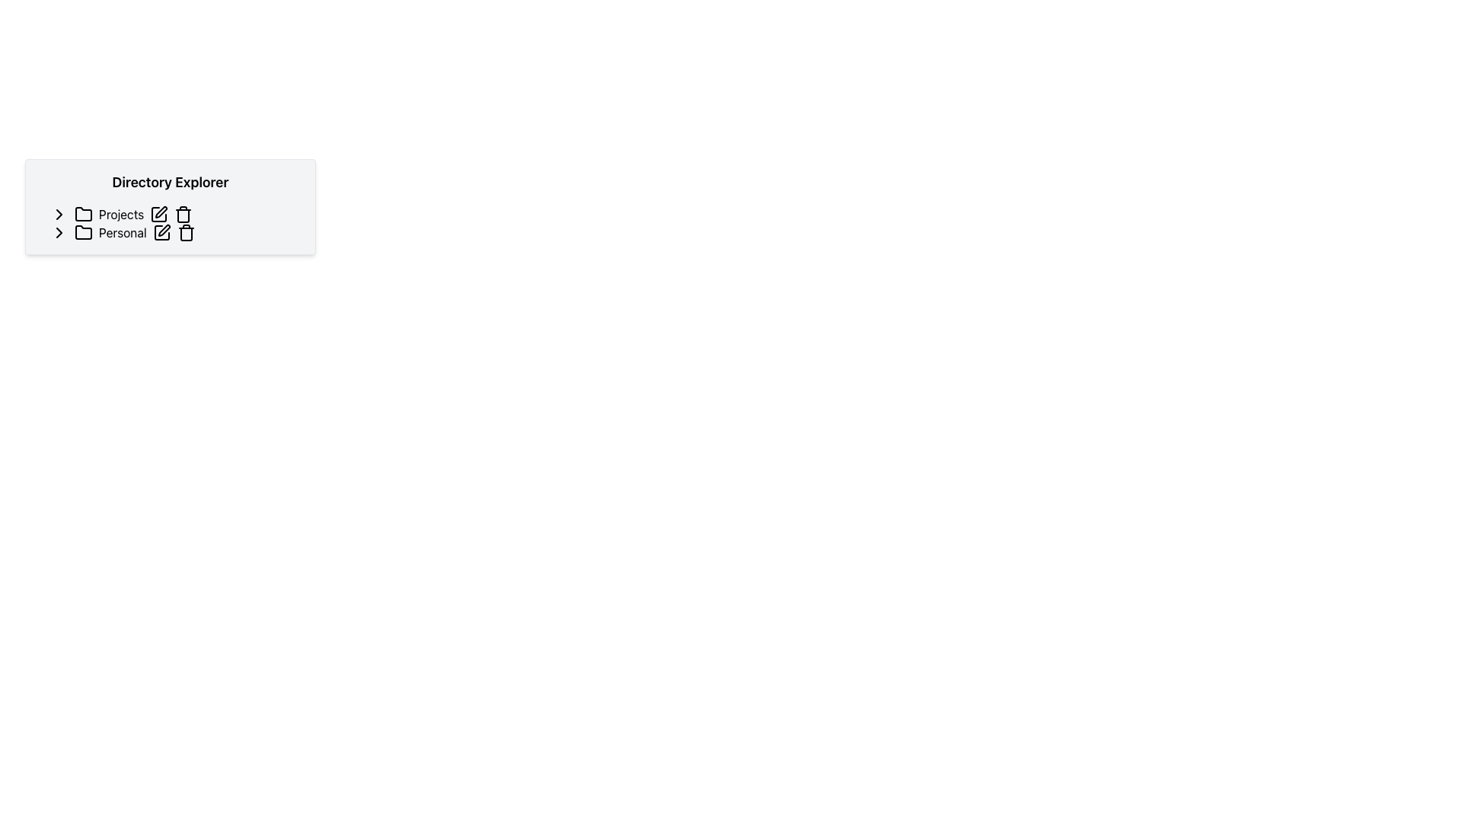  What do you see at coordinates (120, 214) in the screenshot?
I see `the static text label displaying 'Projects', which is located between a folder icon and an edit icon in a directory explorer interface` at bounding box center [120, 214].